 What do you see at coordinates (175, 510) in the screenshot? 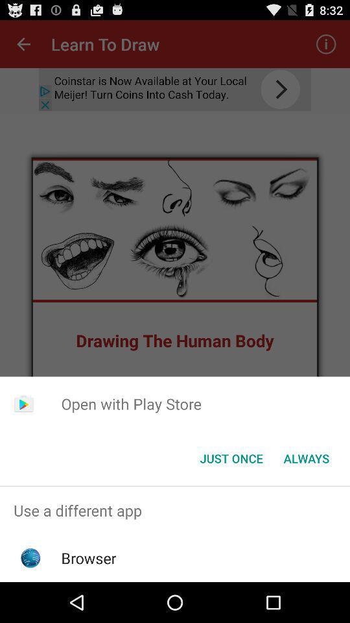
I see `item above browser icon` at bounding box center [175, 510].